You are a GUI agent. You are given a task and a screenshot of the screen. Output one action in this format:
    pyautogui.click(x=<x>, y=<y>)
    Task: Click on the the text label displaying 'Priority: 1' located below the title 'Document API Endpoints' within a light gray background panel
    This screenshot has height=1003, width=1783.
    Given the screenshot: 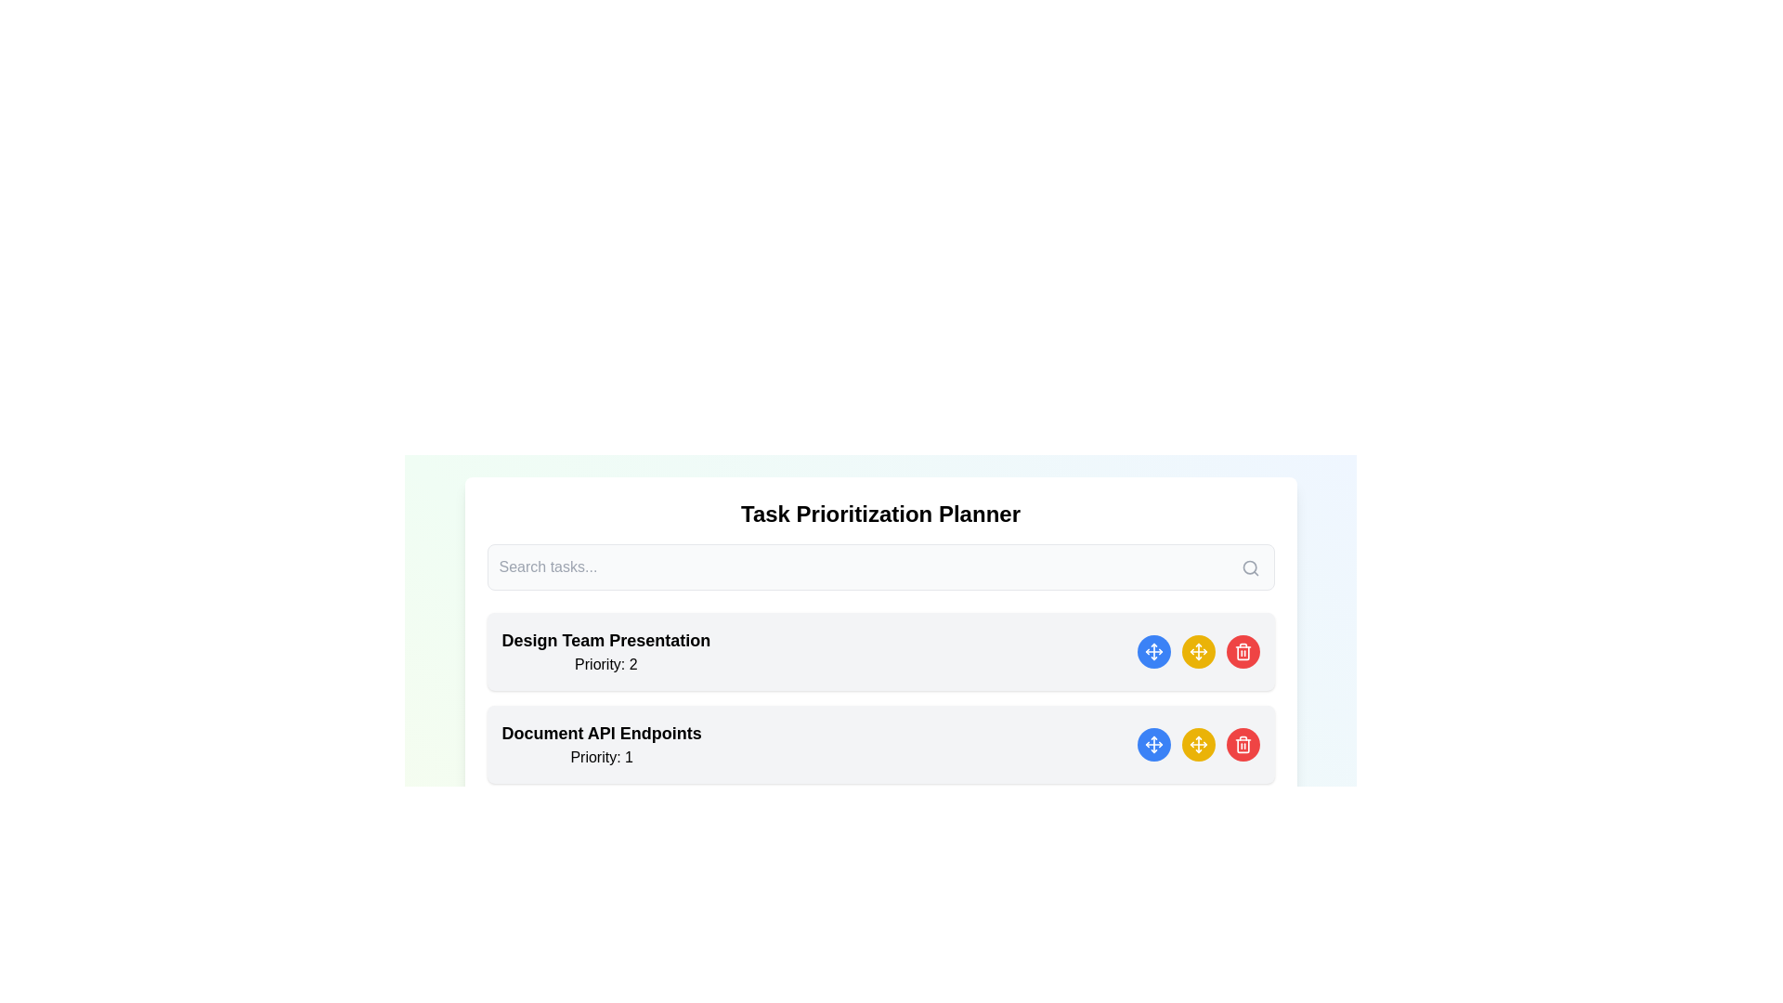 What is the action you would take?
    pyautogui.click(x=602, y=758)
    